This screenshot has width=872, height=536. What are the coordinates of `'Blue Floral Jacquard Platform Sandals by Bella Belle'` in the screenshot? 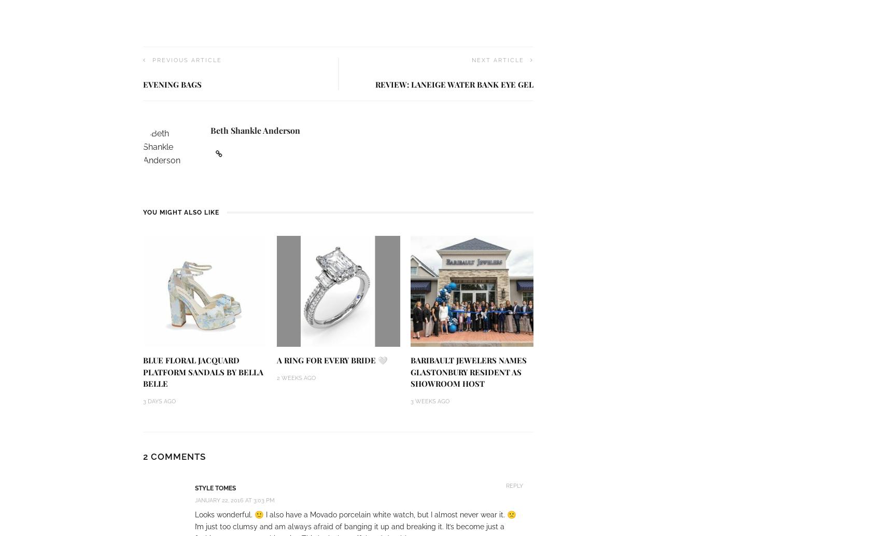 It's located at (203, 372).